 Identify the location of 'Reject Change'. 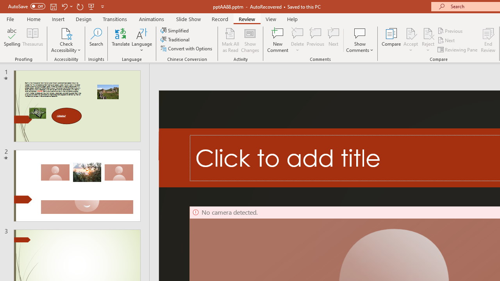
(428, 33).